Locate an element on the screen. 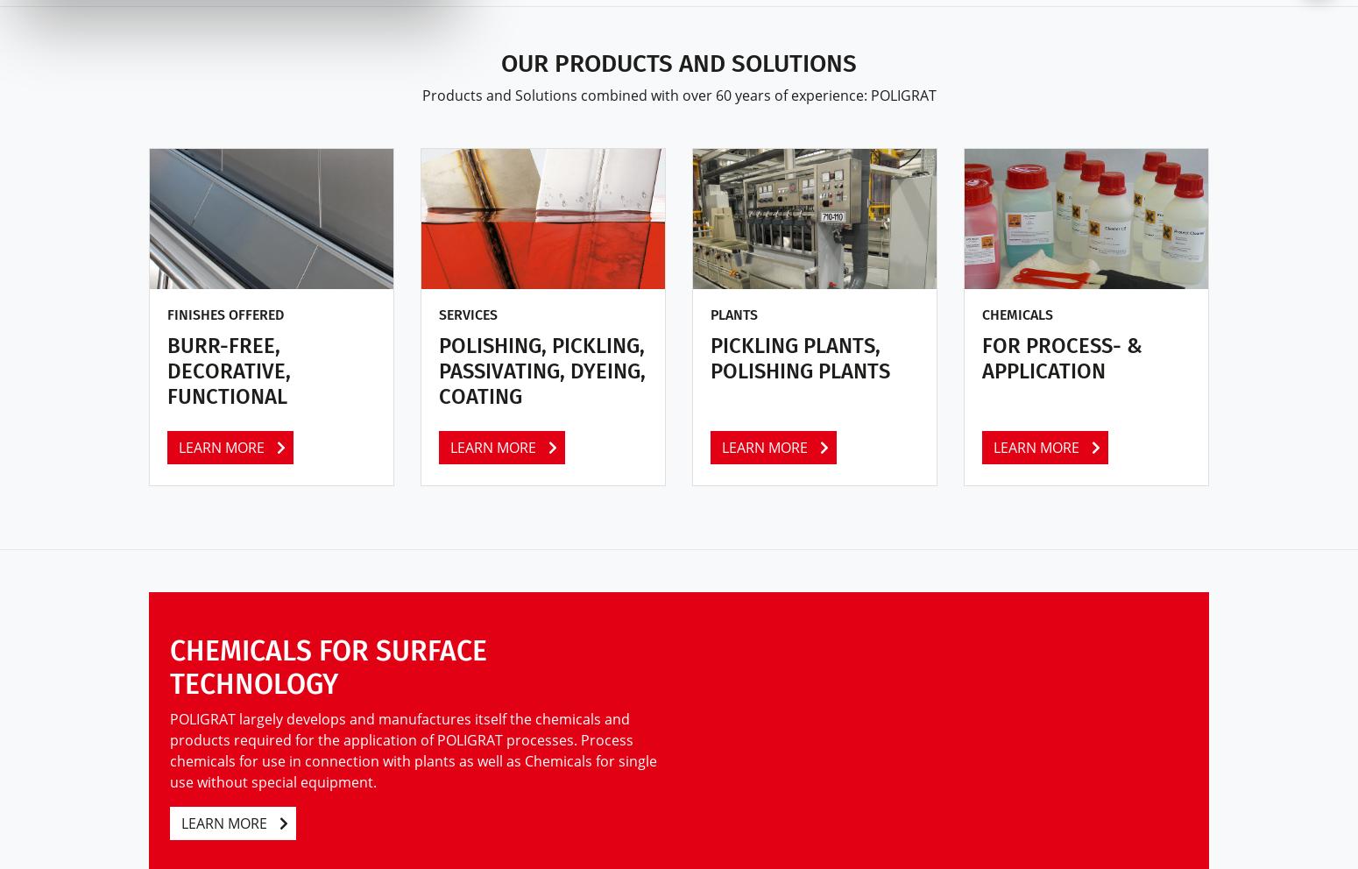 This screenshot has height=869, width=1358. 'Products and Solutions combined with over 60 years of experience: POLIGRAT' is located at coordinates (678, 95).